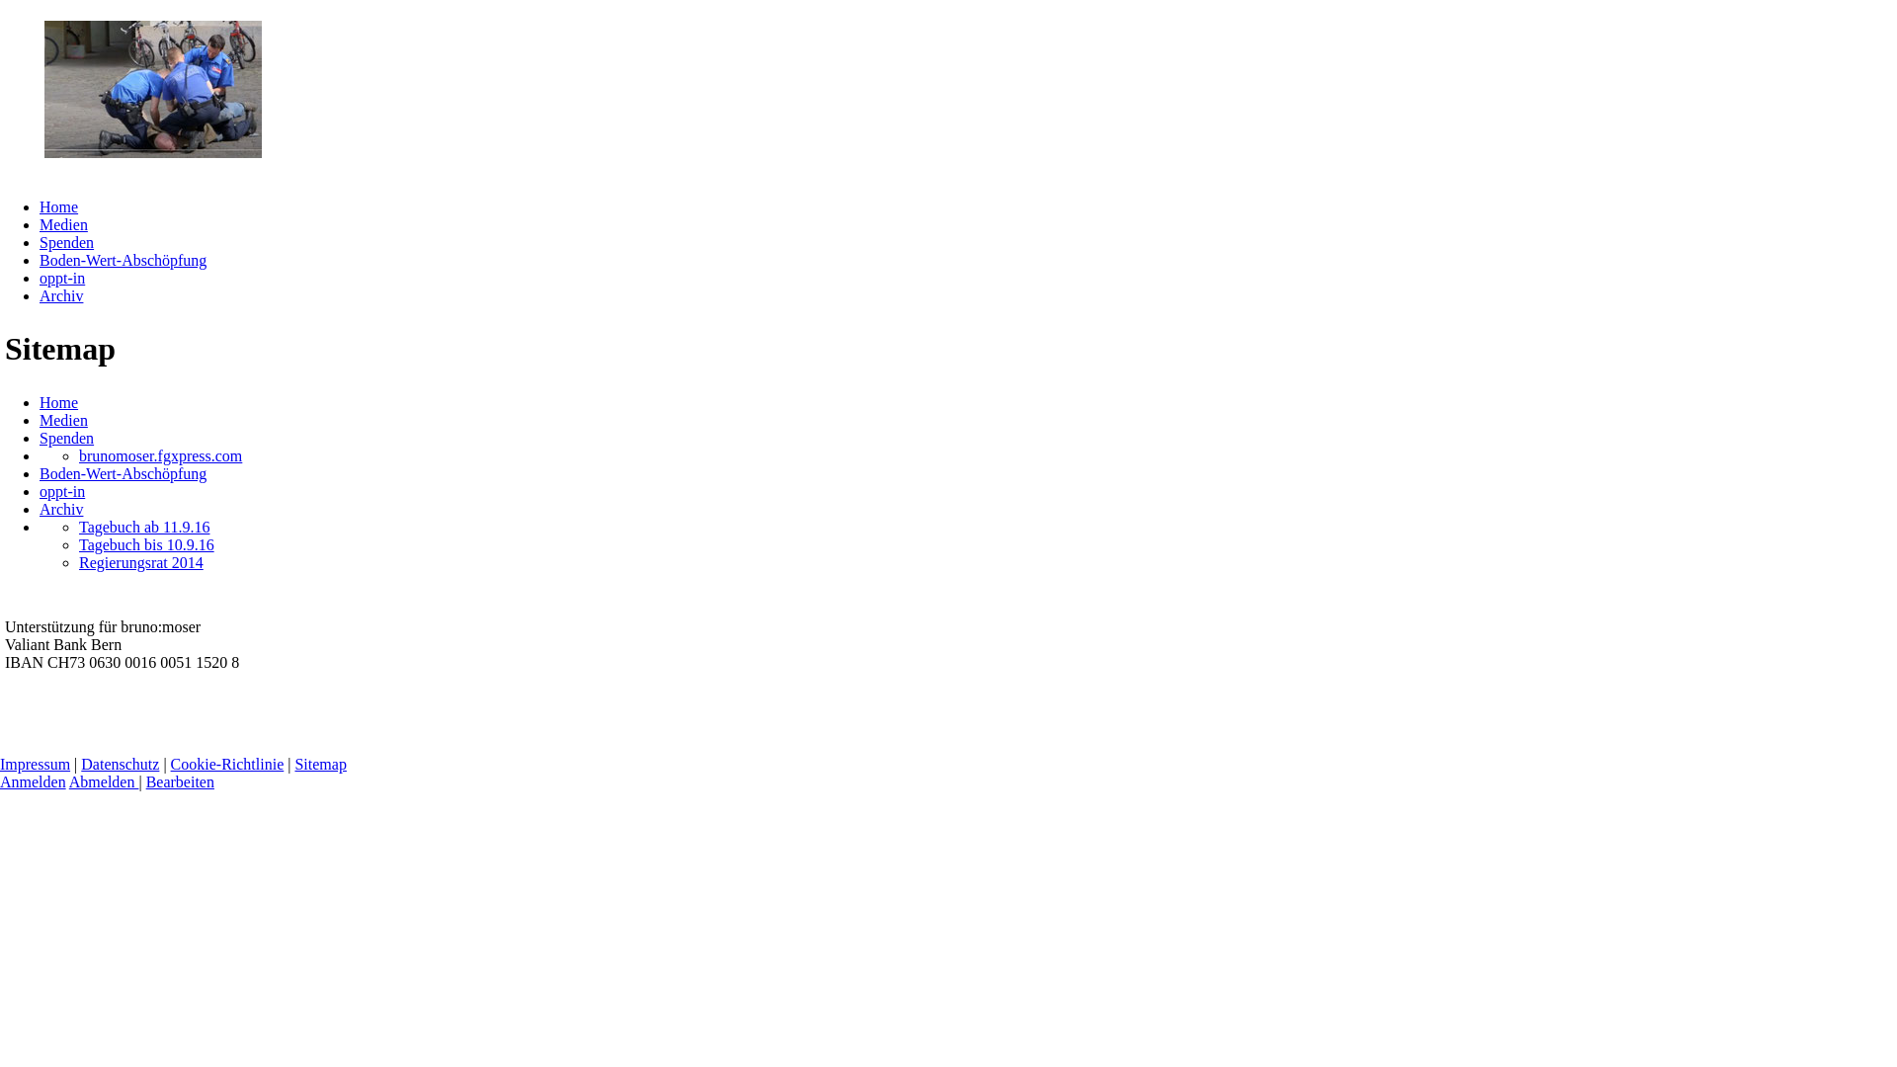  What do you see at coordinates (39, 437) in the screenshot?
I see `'Spenden'` at bounding box center [39, 437].